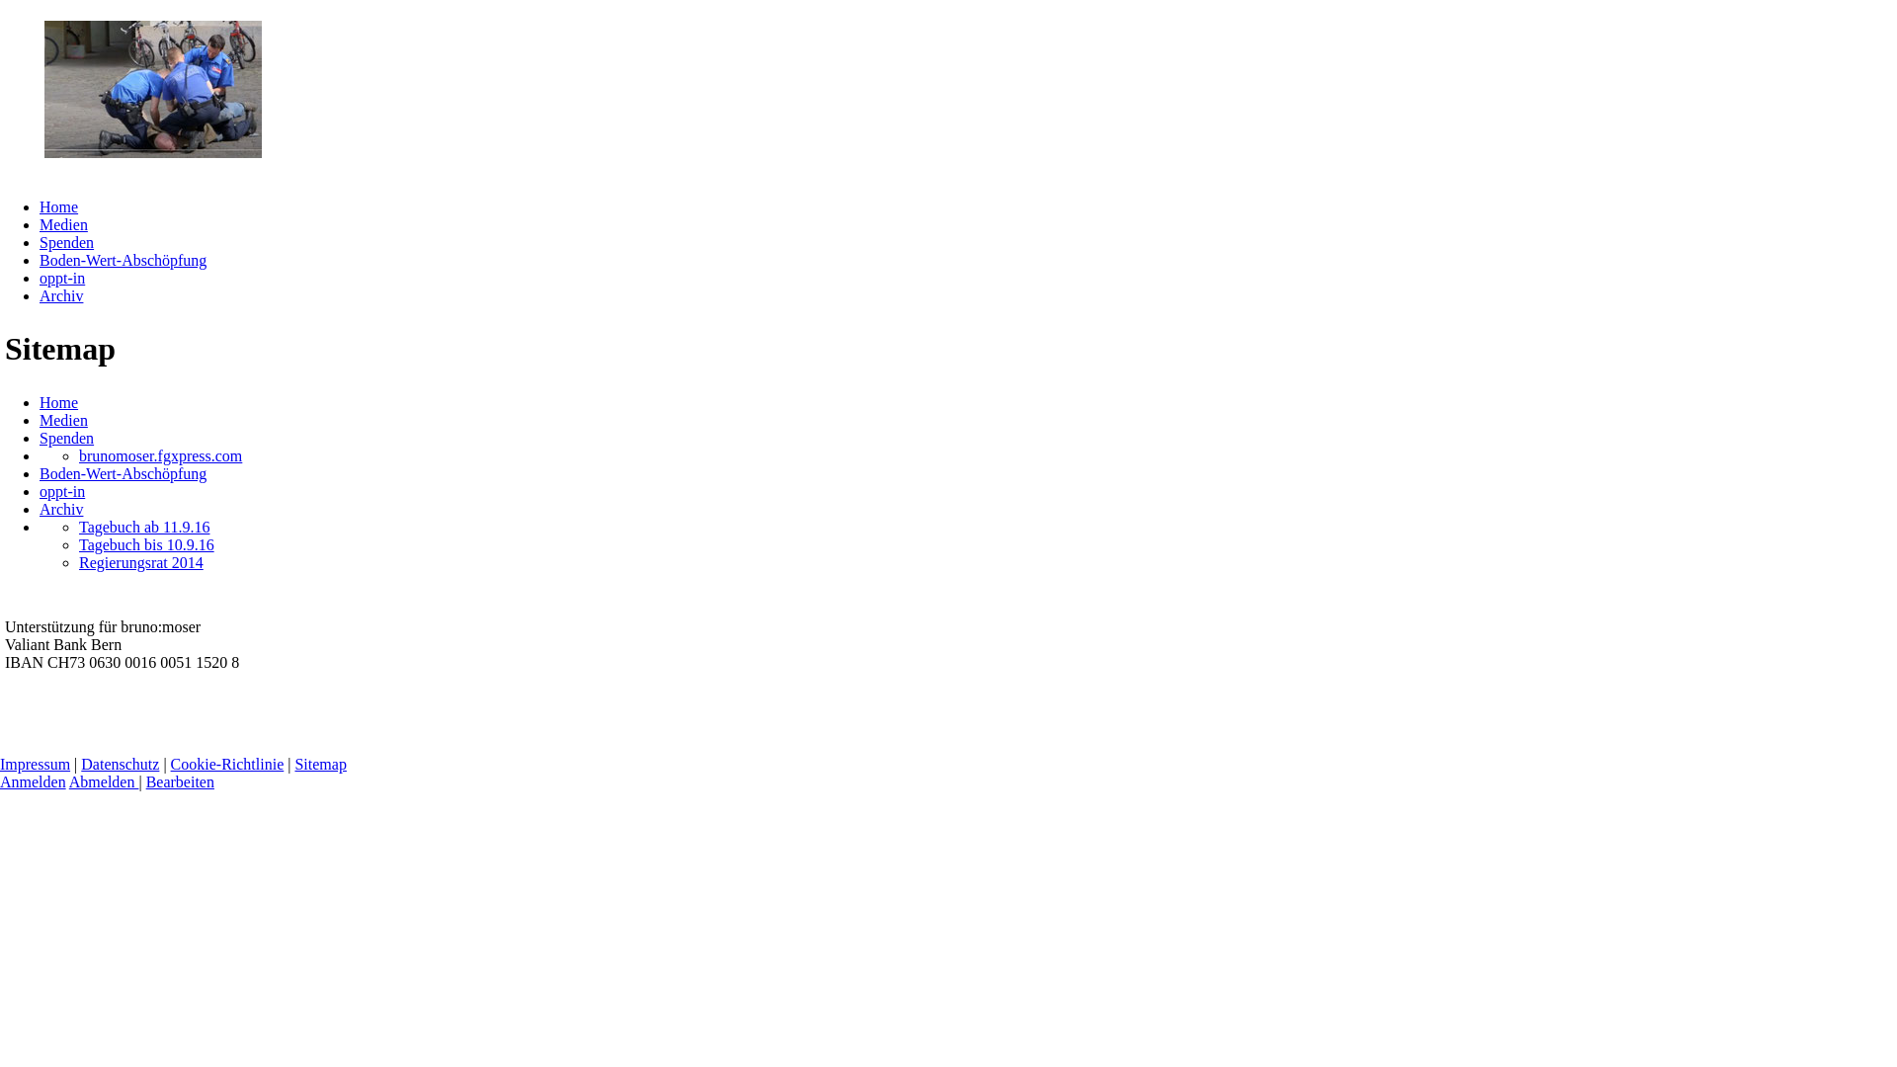  What do you see at coordinates (39, 437) in the screenshot?
I see `'Spenden'` at bounding box center [39, 437].